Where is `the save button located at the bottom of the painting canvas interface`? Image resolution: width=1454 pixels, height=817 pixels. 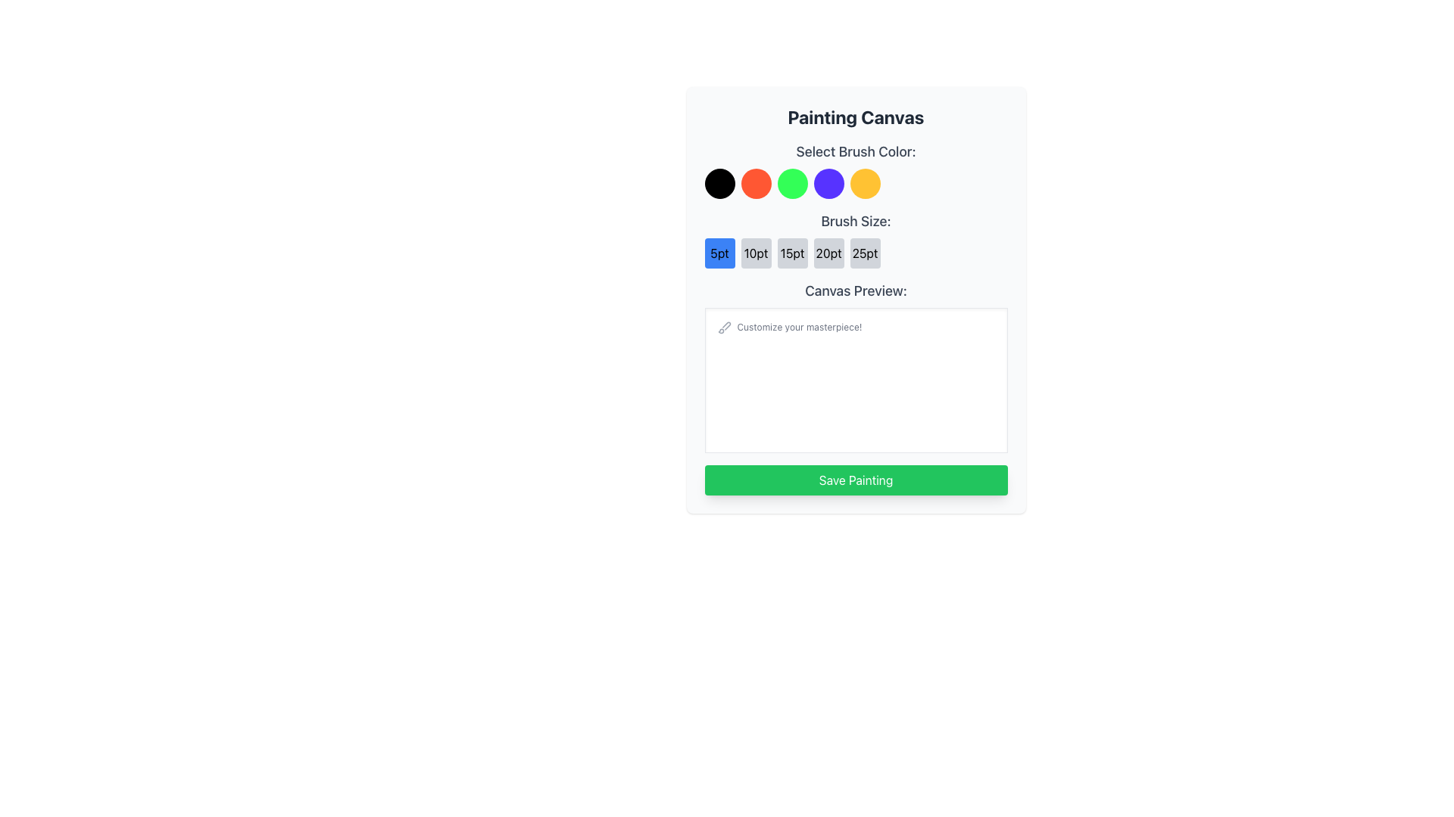
the save button located at the bottom of the painting canvas interface is located at coordinates (856, 480).